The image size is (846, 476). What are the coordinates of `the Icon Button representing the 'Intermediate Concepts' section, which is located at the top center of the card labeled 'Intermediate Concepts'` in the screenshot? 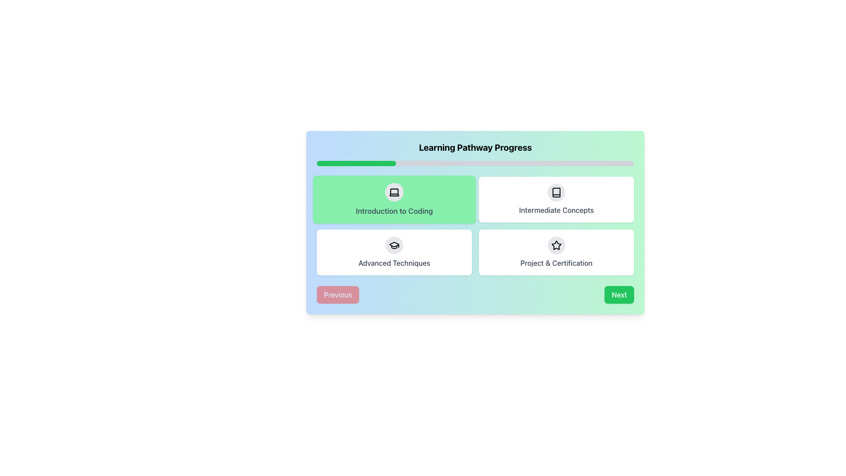 It's located at (556, 192).